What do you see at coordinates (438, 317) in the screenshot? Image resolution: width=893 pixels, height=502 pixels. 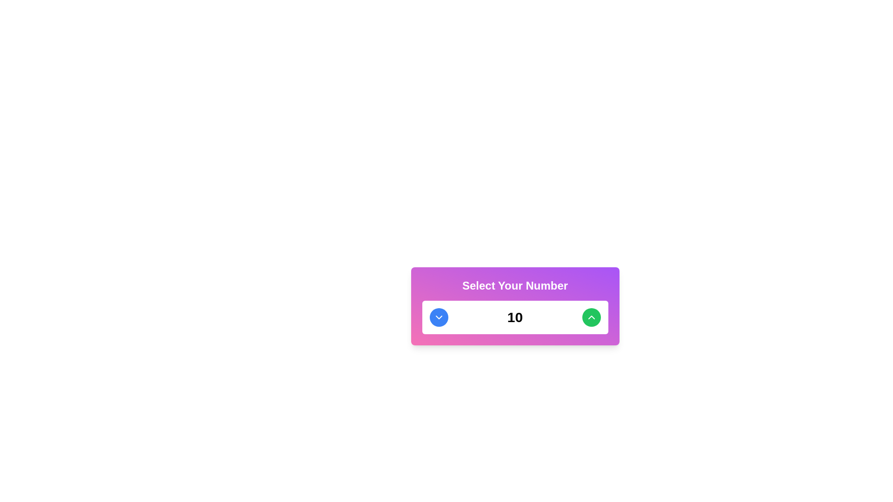 I see `the leftmost decrement button located to the left of the displayed number` at bounding box center [438, 317].